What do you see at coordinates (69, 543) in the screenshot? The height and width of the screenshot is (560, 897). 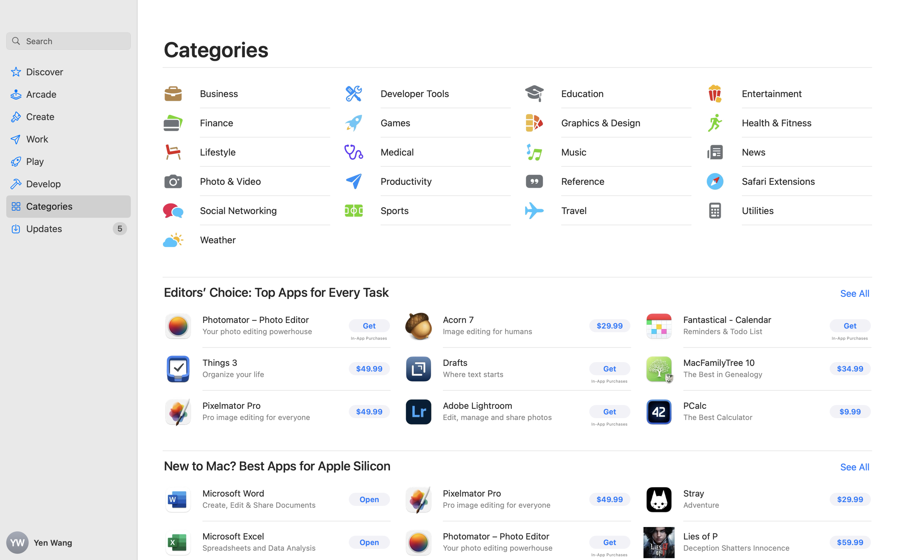 I see `'Yen Wang'` at bounding box center [69, 543].